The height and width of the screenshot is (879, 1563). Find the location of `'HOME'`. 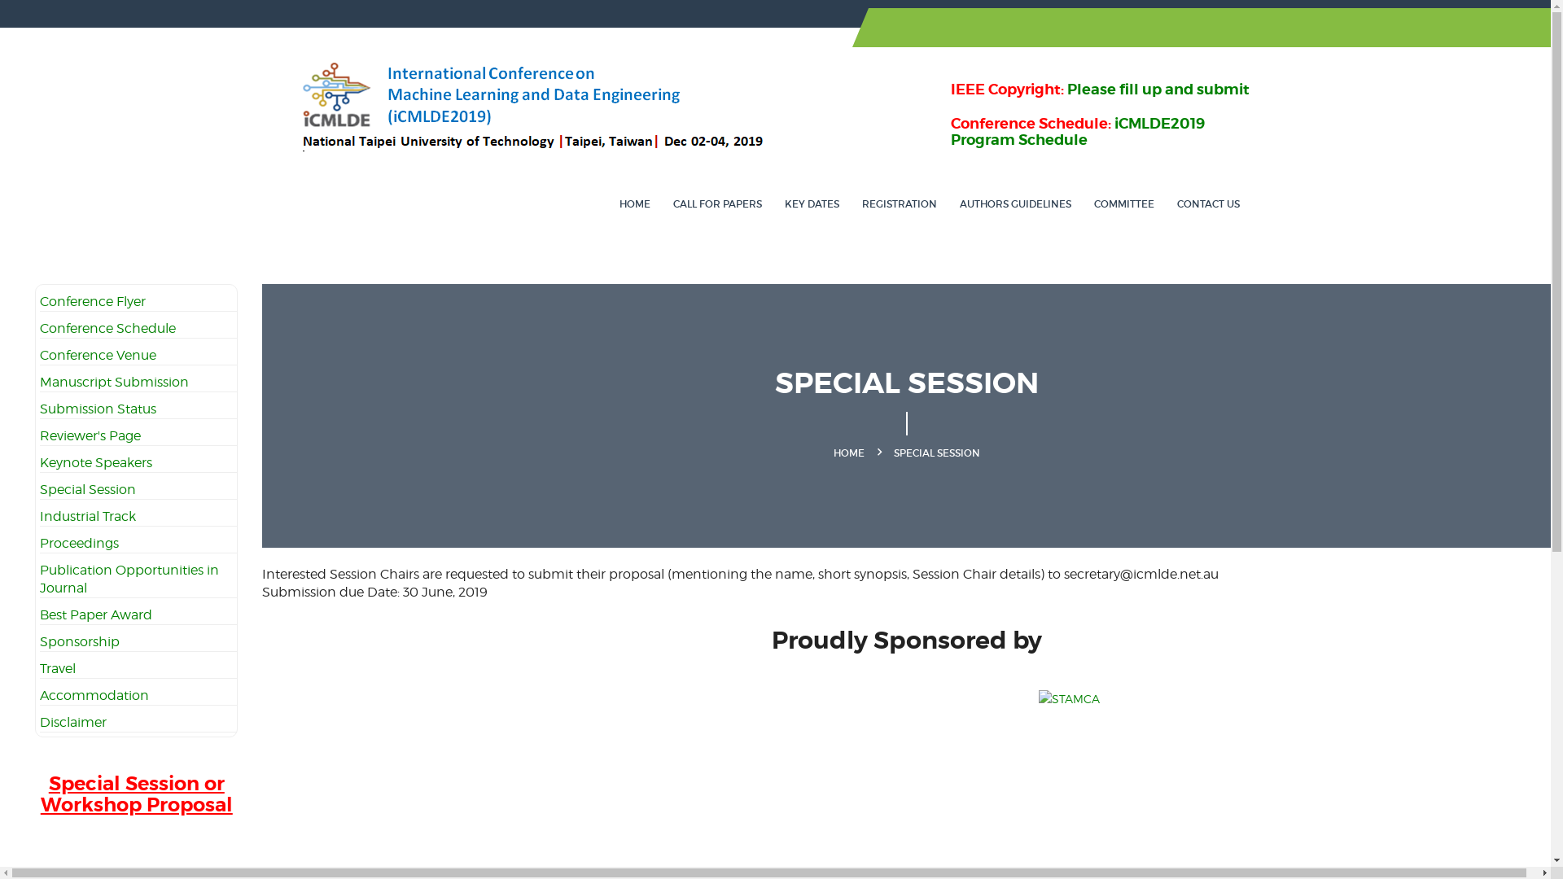

'HOME' is located at coordinates (633, 203).